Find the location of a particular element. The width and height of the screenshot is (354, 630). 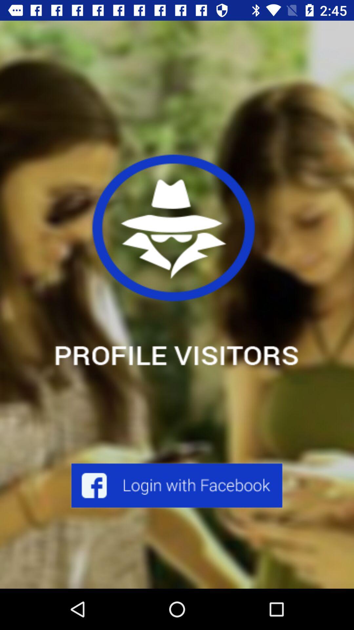

face book login enter option is located at coordinates (176, 485).